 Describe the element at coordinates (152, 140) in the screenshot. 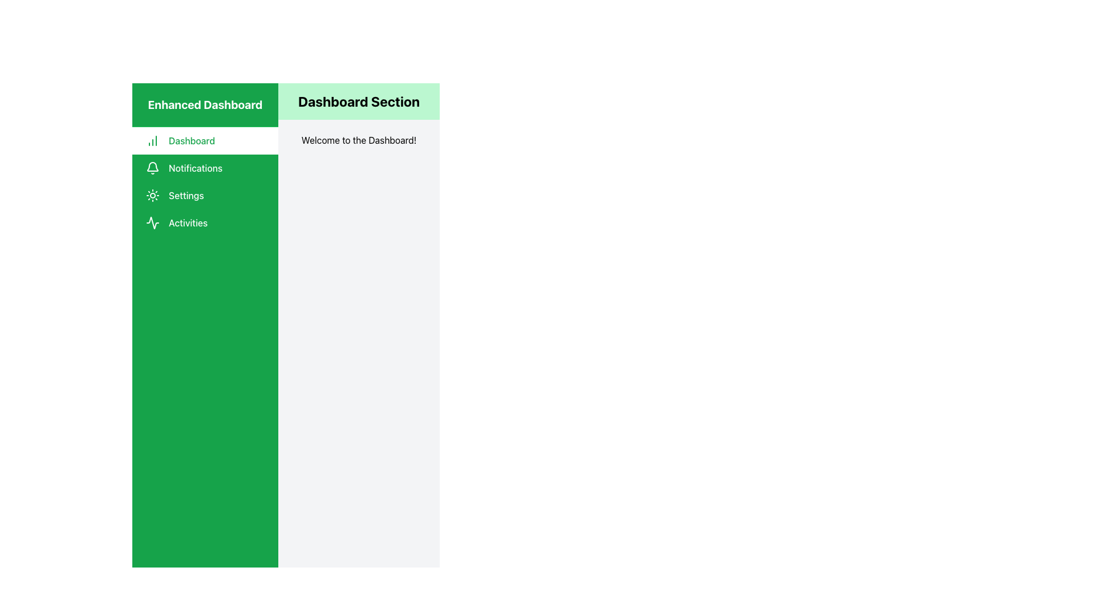

I see `the 'Dashboard' icon located in the sidebar menu, positioned just below the 'Enhanced Dashboard' heading and to the left of the 'Dashboard' text label` at that location.